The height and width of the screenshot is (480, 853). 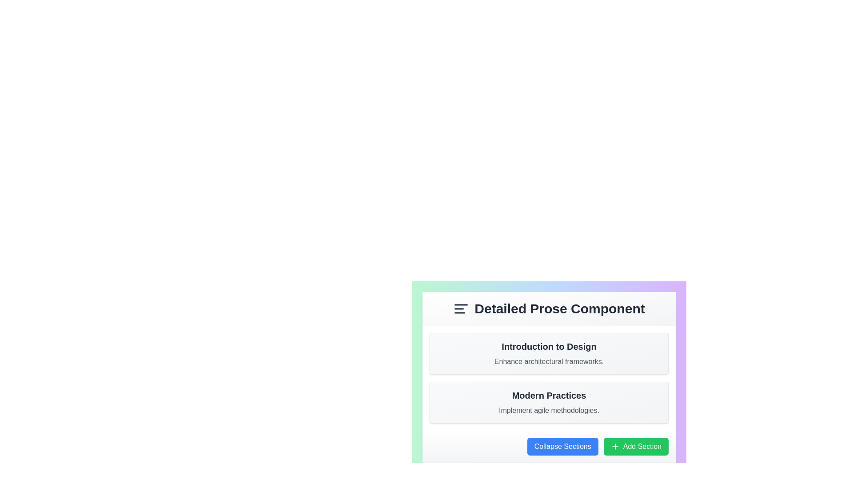 I want to click on the small outlined 'plus' icon located inside the green 'Add Section' button at the bottom right of the interface, so click(x=614, y=447).